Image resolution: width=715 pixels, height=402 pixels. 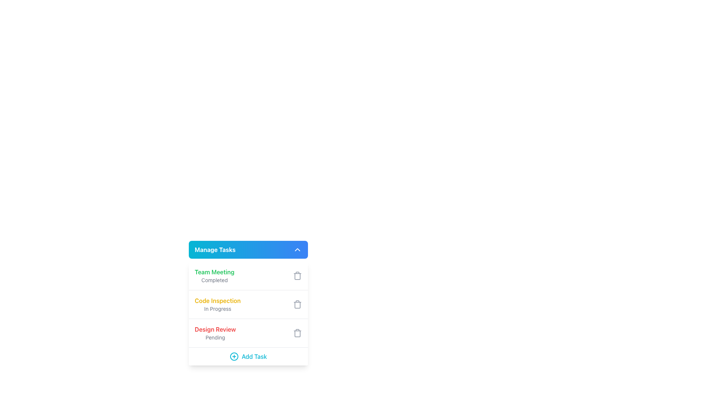 I want to click on the 'Pending' text label located below the 'Design Review' label in the task list of the 'Manage Tasks' box, so click(x=215, y=337).